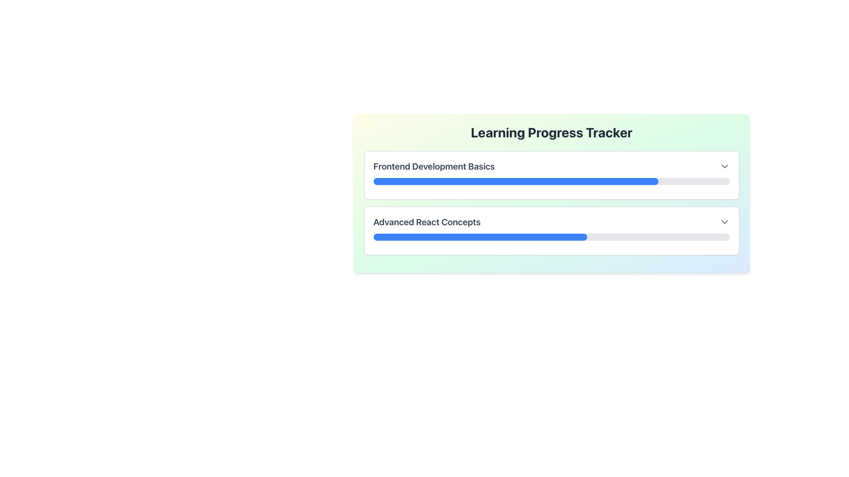  I want to click on the horizontal progress bar located directly below the 'Frontend Development Basics' title to interact with it, so click(551, 181).